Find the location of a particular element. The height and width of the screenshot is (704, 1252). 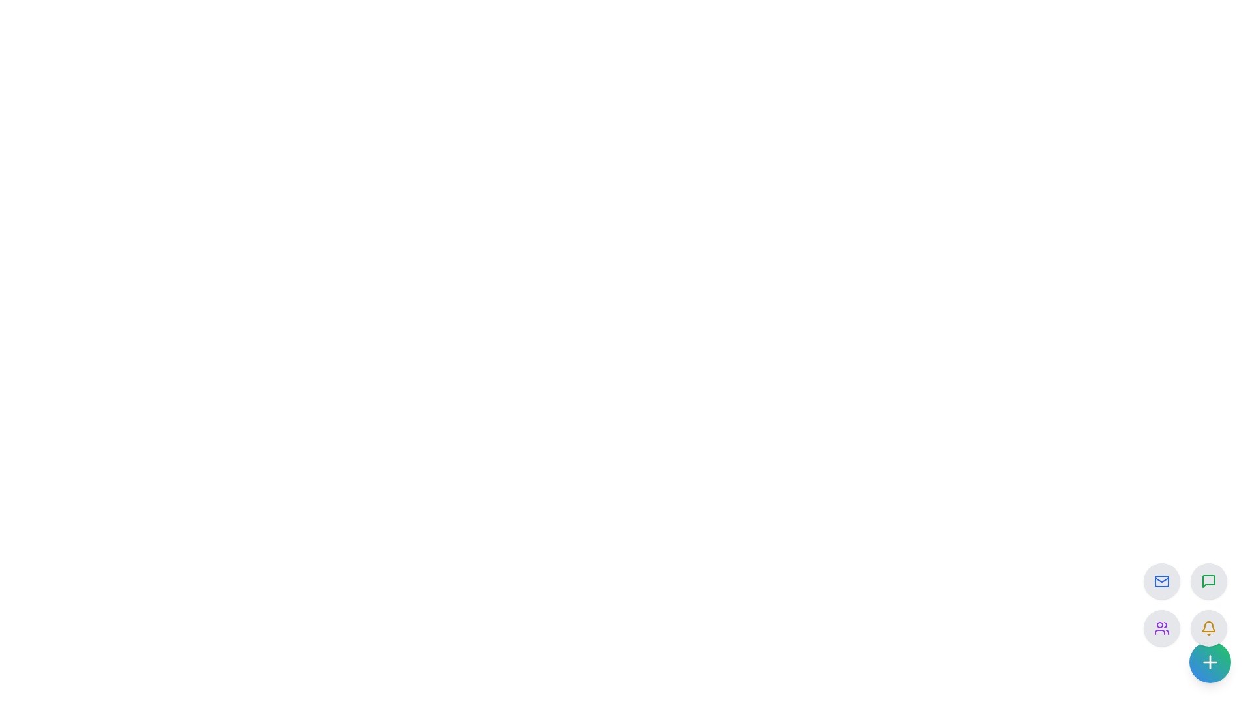

the bottom-most circular button with an embedded SVG icon located at the bottom-right corner of the interface is located at coordinates (1210, 662).